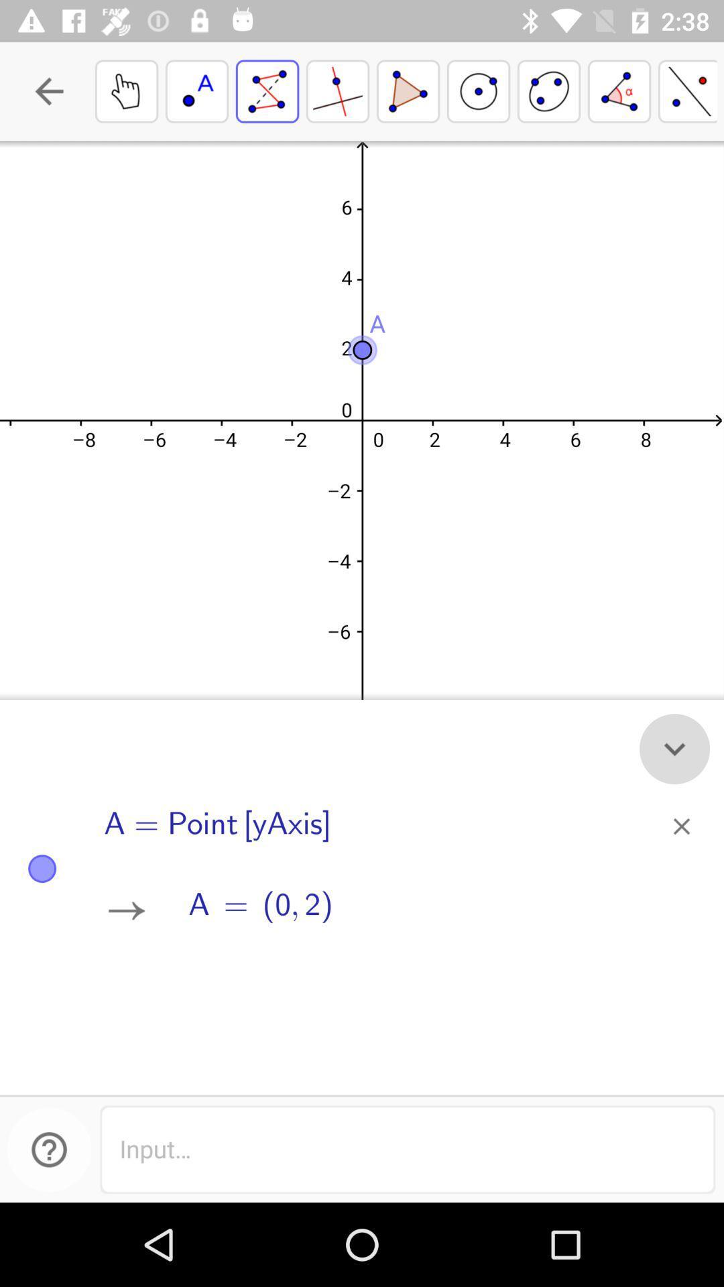  I want to click on the 3rd symbol from the left on the top of the page, so click(267, 90).